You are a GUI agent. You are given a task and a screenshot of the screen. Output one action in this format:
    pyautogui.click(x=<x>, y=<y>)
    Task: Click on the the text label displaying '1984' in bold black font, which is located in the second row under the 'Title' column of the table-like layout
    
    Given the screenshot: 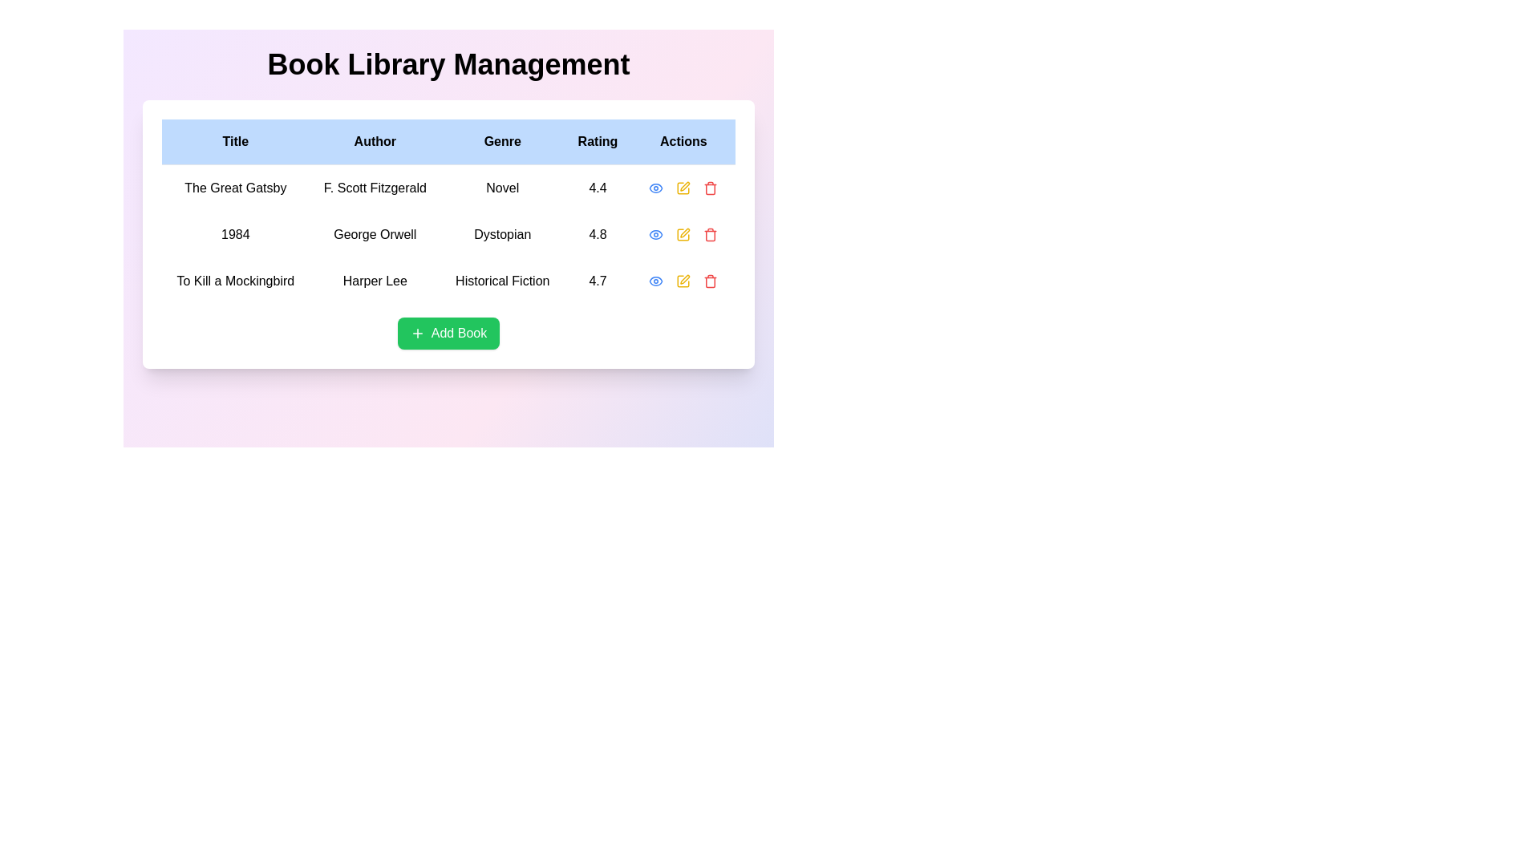 What is the action you would take?
    pyautogui.click(x=234, y=235)
    